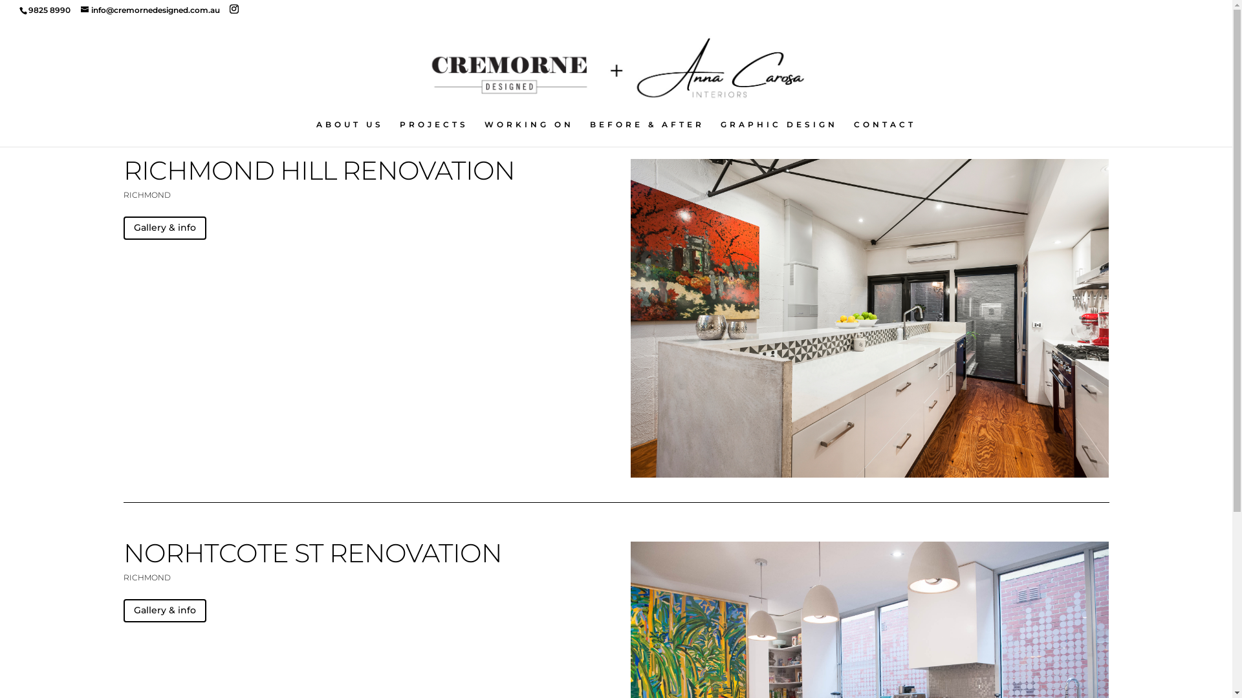 The image size is (1242, 698). I want to click on 'BEFORE & AFTER', so click(589, 133).